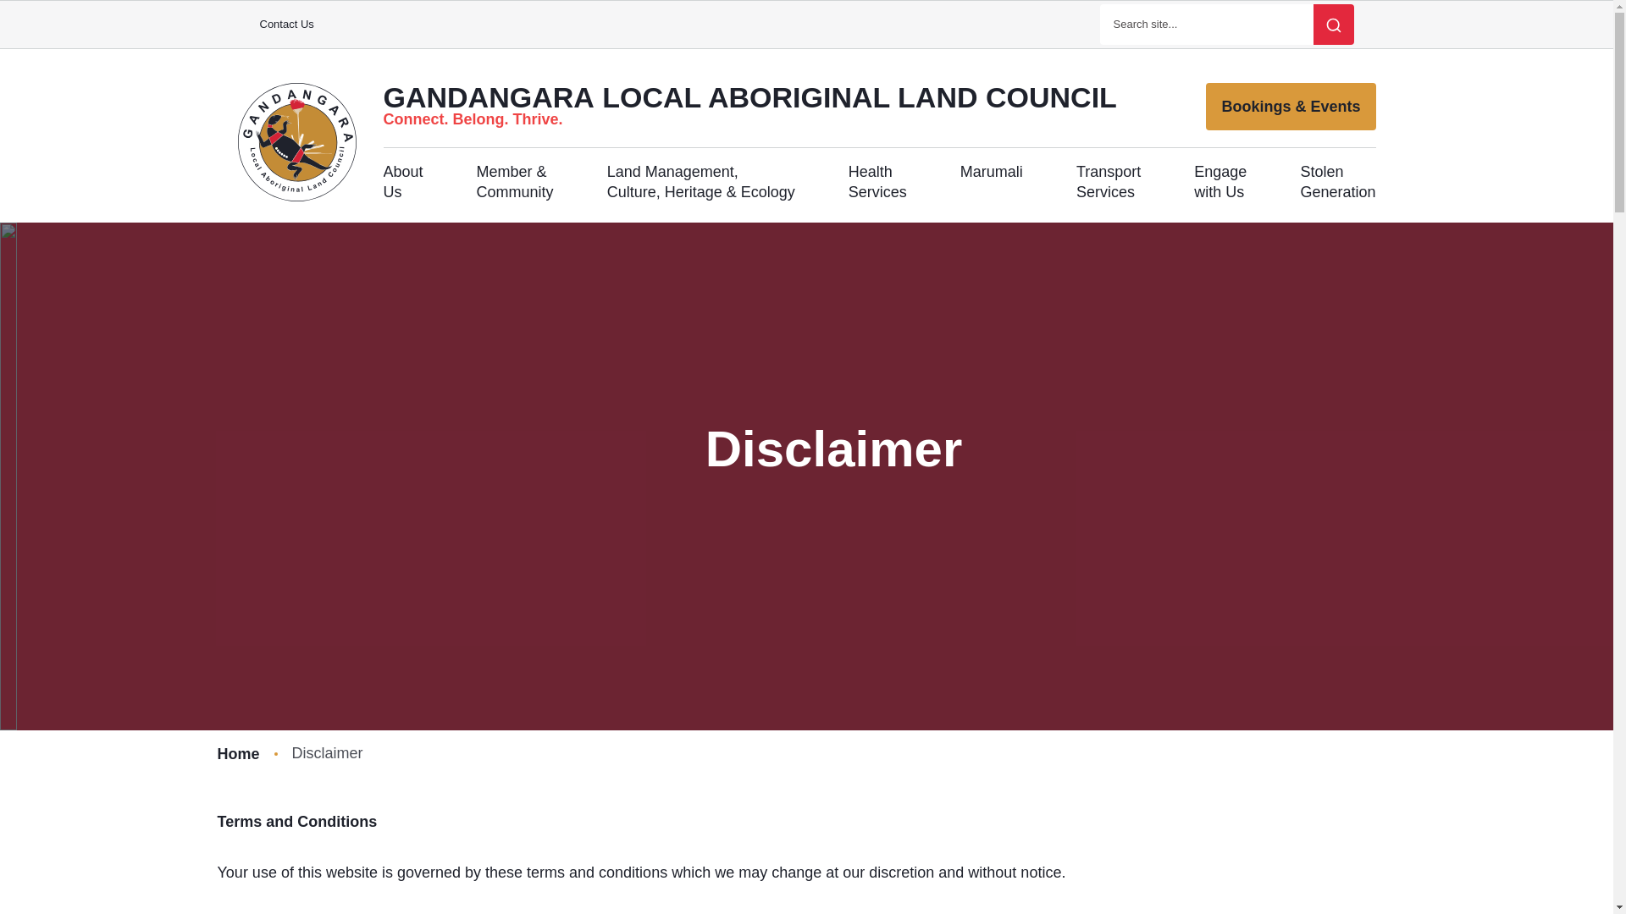 The width and height of the screenshot is (1626, 914). I want to click on 'Land Management,, so click(701, 182).